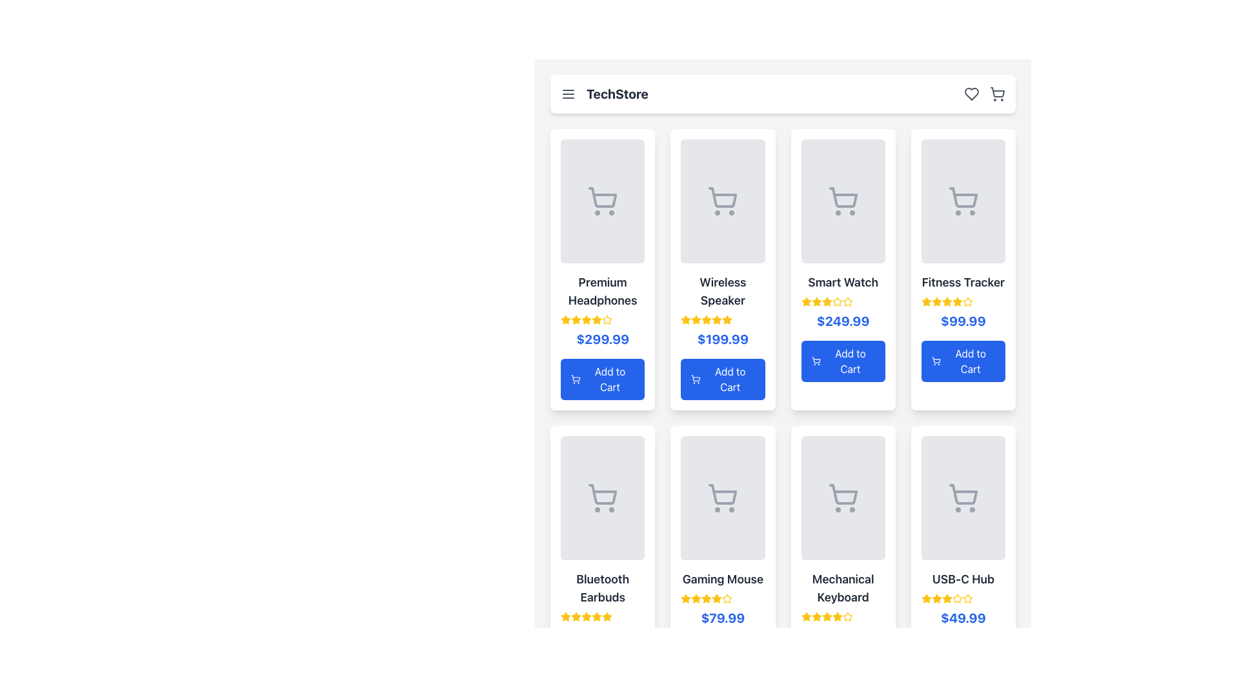 This screenshot has width=1239, height=697. Describe the element at coordinates (805, 616) in the screenshot. I see `the first star-shaped icon in the rating section beneath the 'Mechanical Keyboard' item card` at that location.